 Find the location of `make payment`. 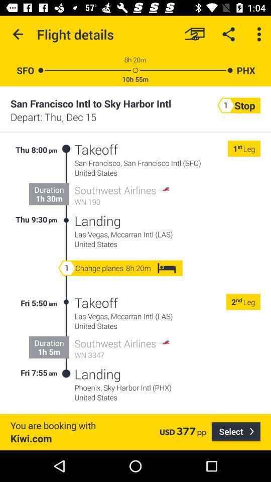

make payment is located at coordinates (194, 34).